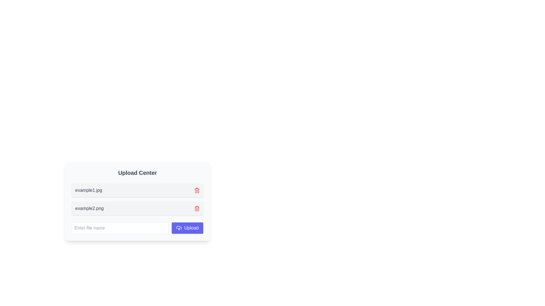 The height and width of the screenshot is (306, 545). I want to click on the delete Icon button located to the far right of the row corresponding to the file named 'example2.png', so click(197, 209).